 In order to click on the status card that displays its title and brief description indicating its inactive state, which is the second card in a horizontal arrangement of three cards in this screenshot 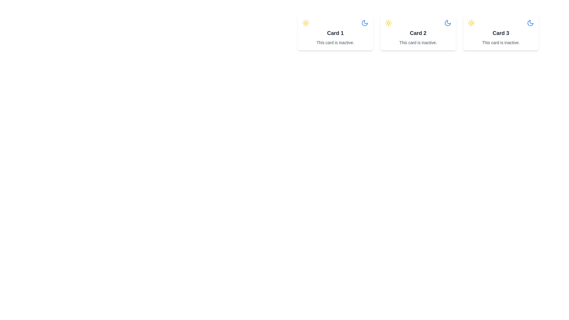, I will do `click(418, 33)`.